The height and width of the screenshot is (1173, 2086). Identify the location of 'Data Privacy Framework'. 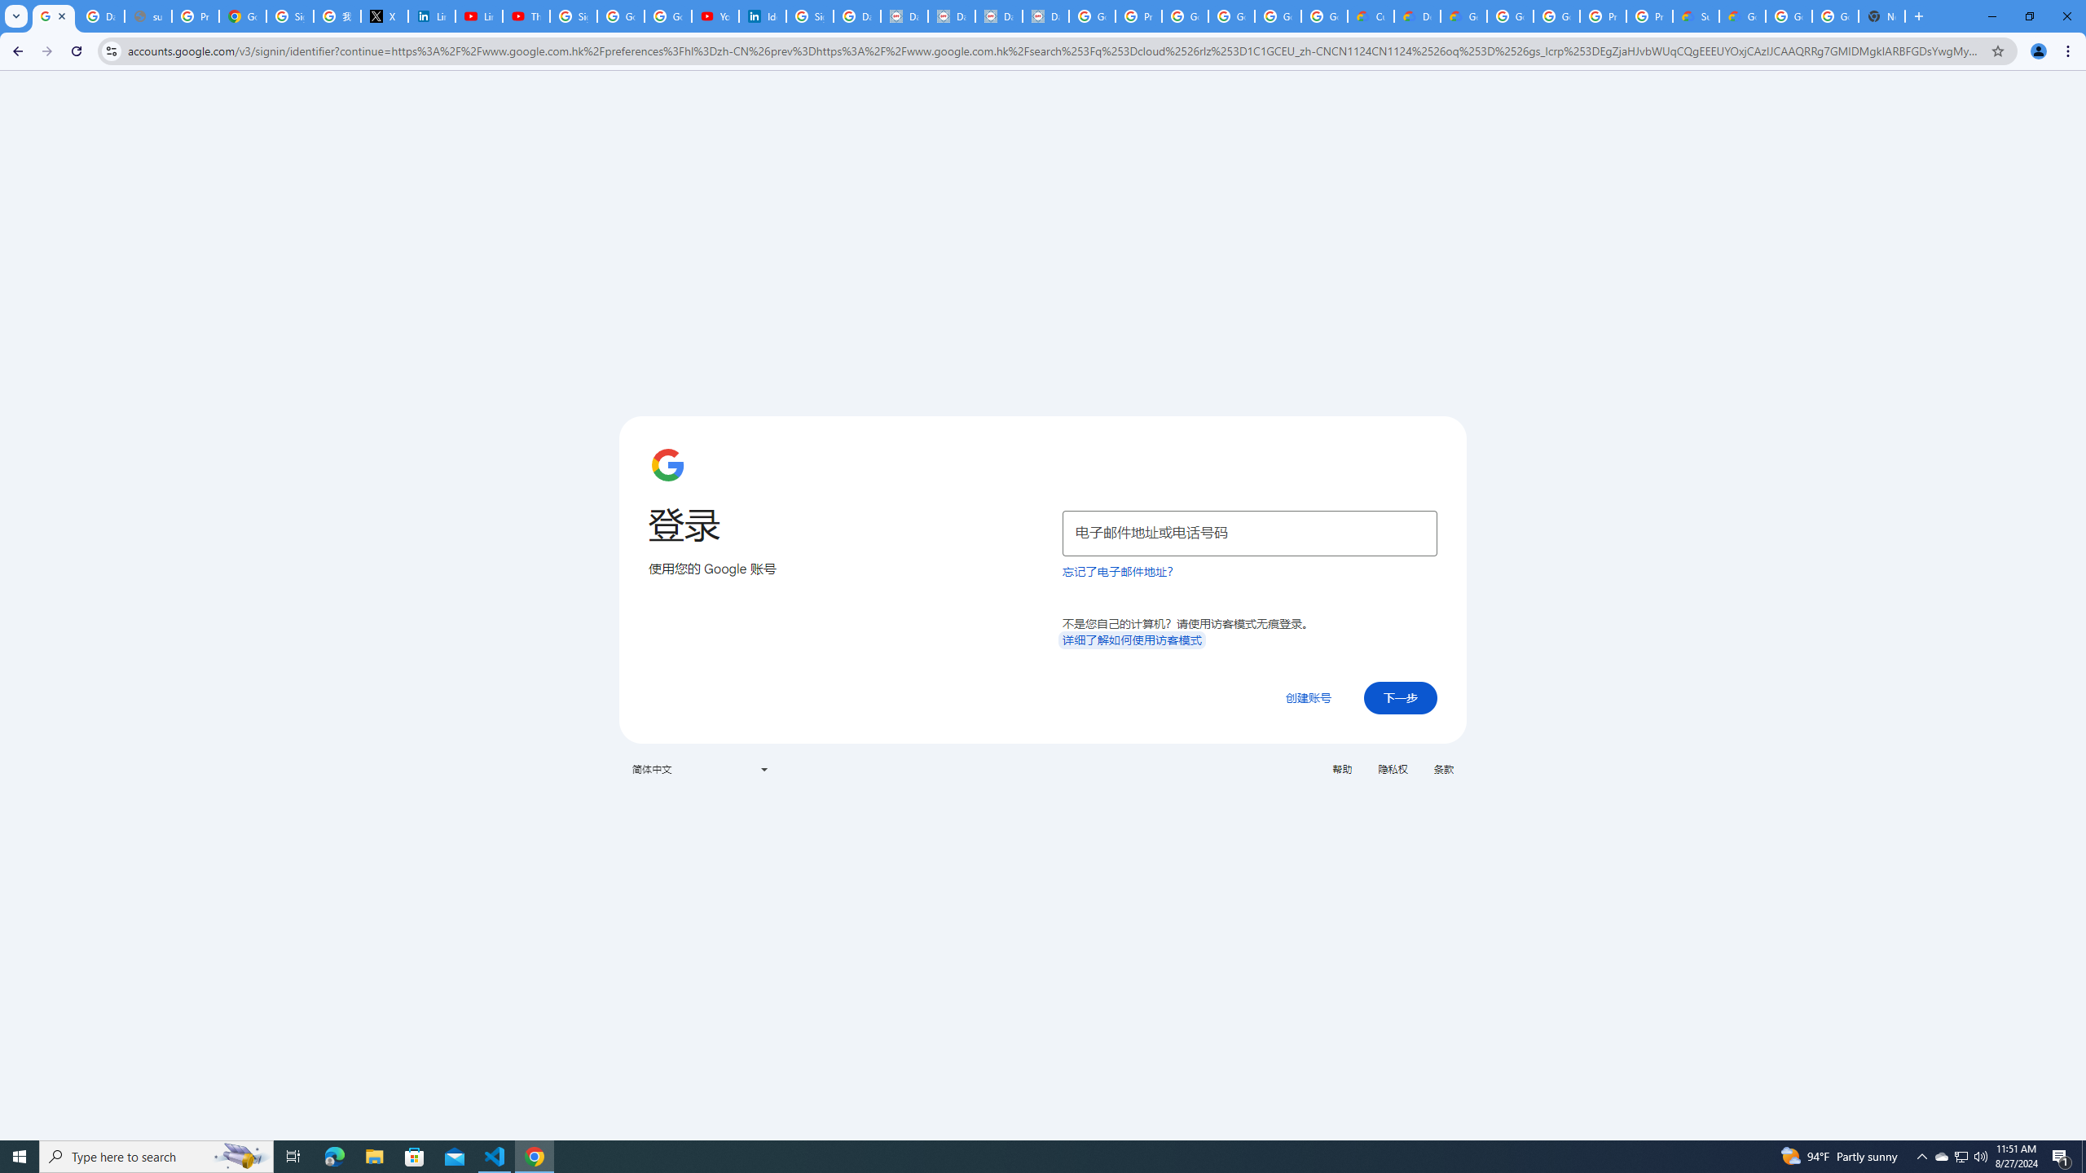
(999, 15).